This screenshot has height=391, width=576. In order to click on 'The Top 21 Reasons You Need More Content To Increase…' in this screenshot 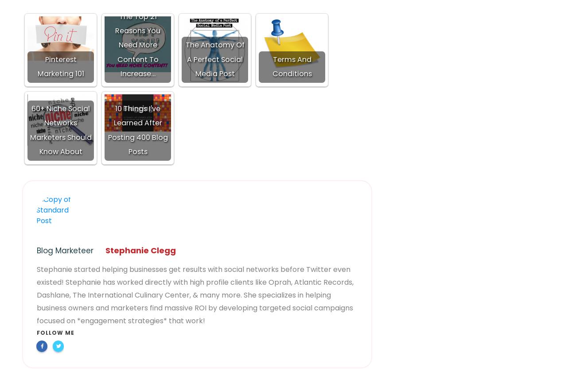, I will do `click(137, 45)`.